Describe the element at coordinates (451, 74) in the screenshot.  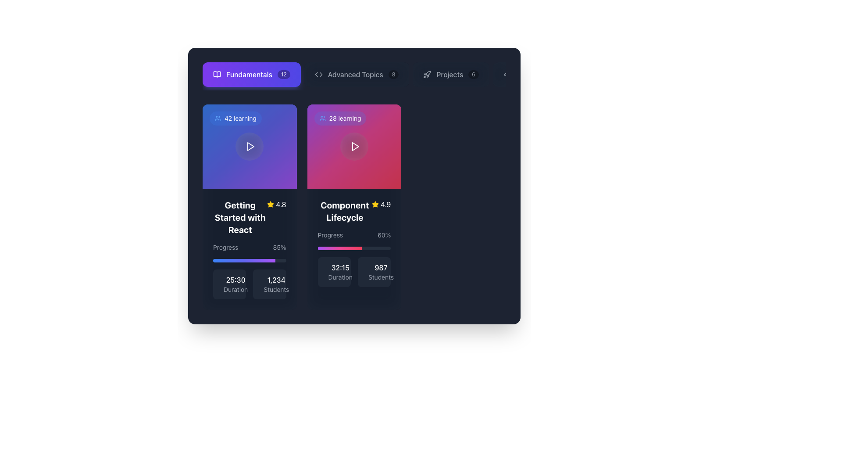
I see `the third button in the horizontal menu bar that navigates to the 'Projects' section` at that location.